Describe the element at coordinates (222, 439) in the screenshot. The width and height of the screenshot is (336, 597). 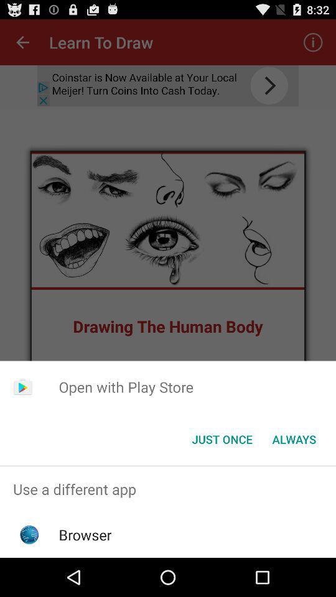
I see `the button to the left of always icon` at that location.